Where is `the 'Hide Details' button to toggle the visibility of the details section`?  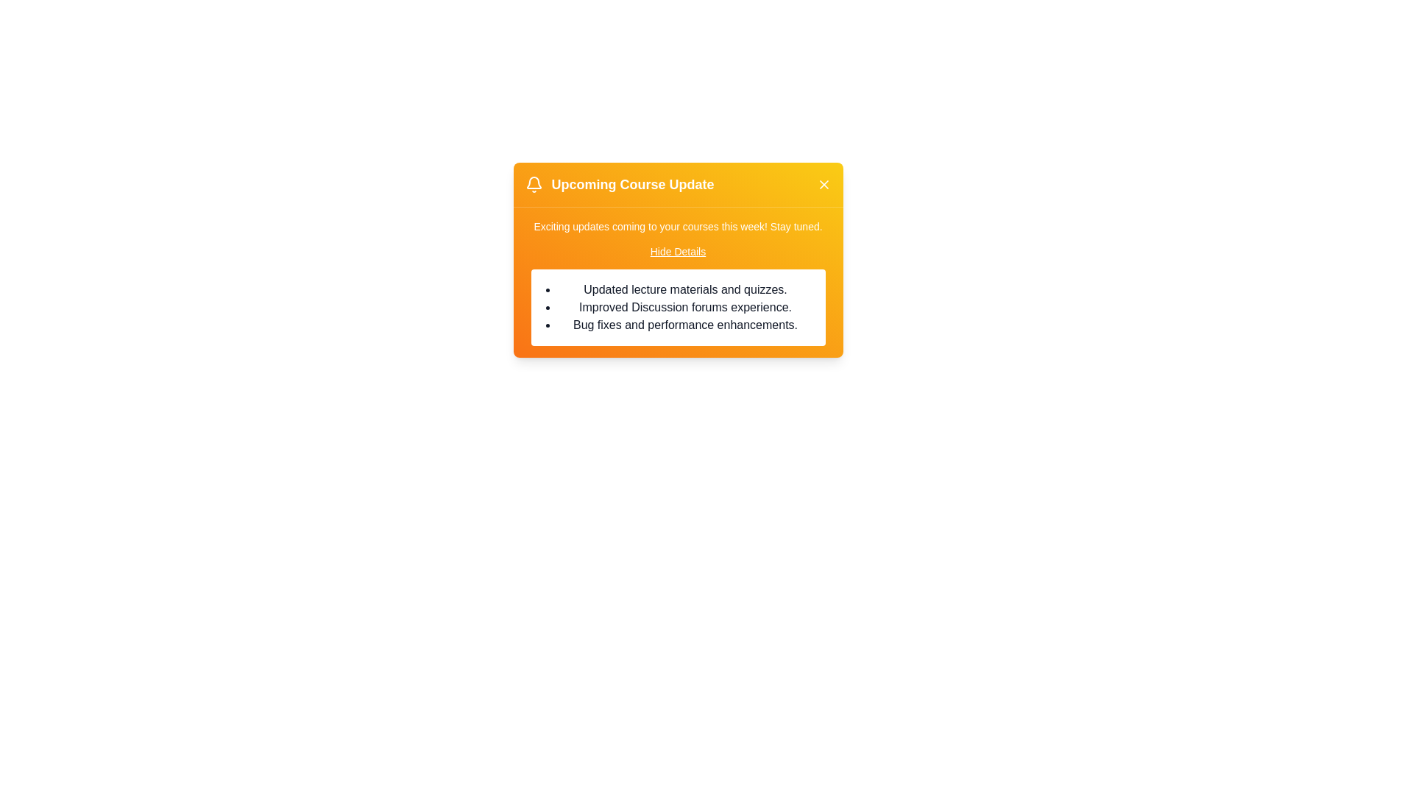
the 'Hide Details' button to toggle the visibility of the details section is located at coordinates (677, 251).